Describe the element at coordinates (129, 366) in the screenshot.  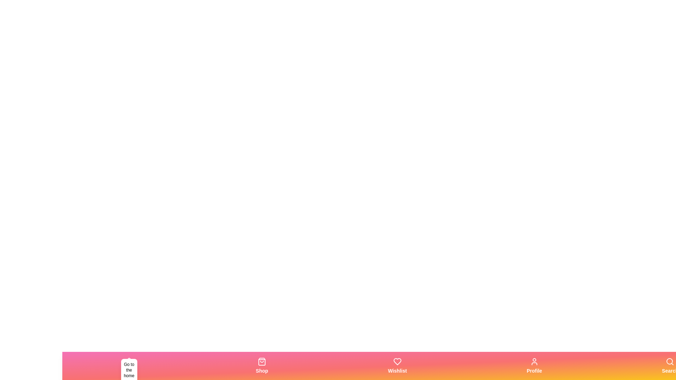
I see `the Home tab to view its hint` at that location.